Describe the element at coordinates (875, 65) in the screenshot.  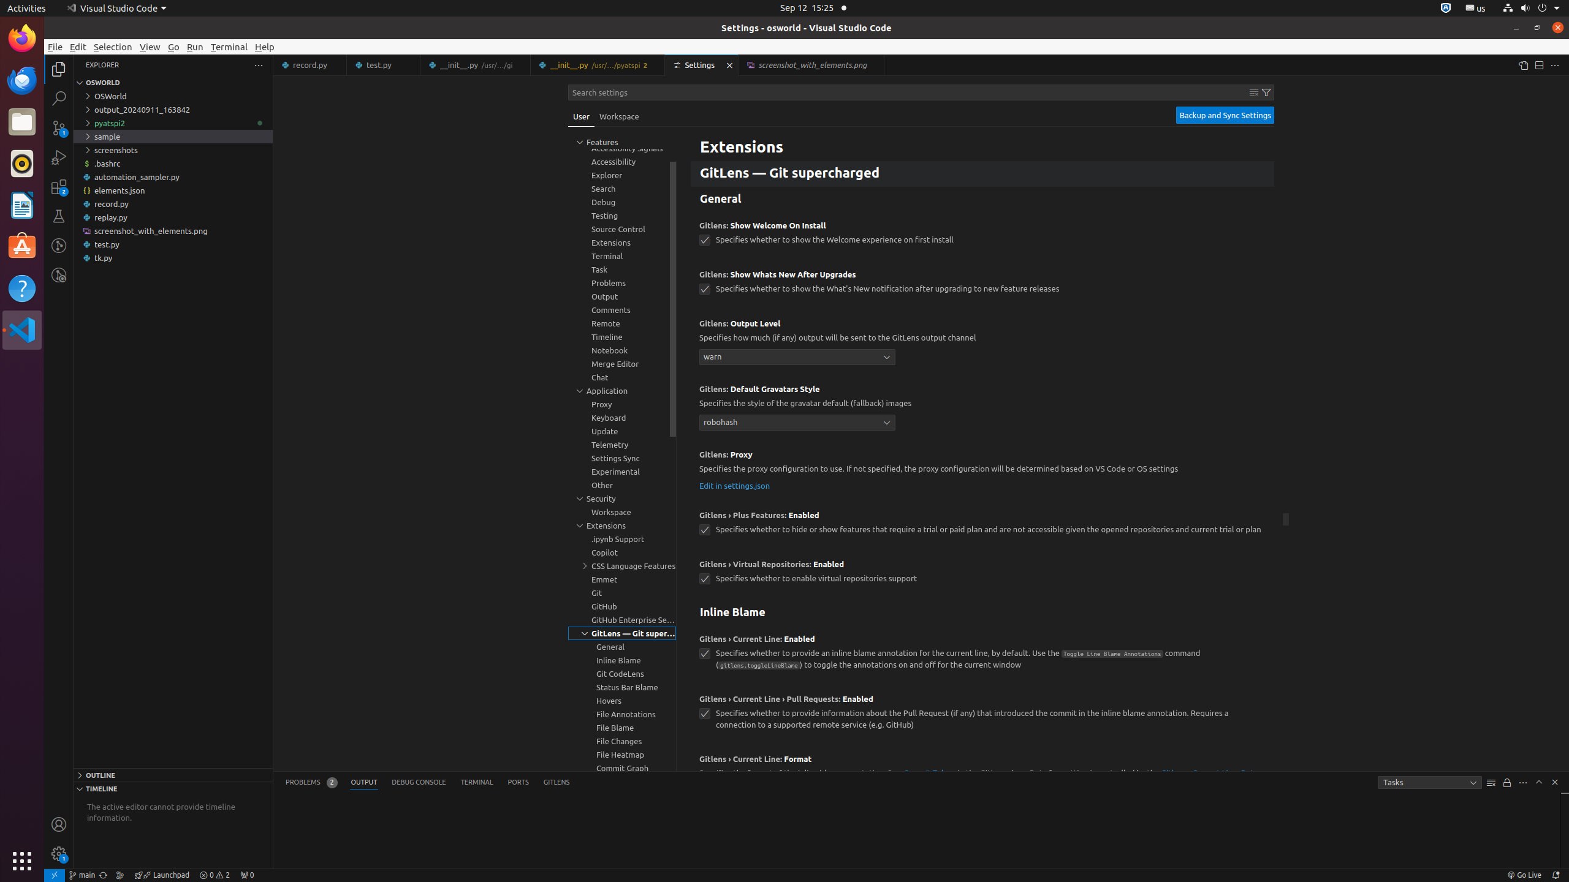
I see `'Close (Ctrl+W)'` at that location.